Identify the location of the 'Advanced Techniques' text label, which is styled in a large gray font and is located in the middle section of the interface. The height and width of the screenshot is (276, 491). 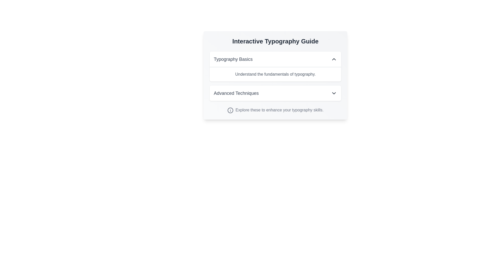
(236, 93).